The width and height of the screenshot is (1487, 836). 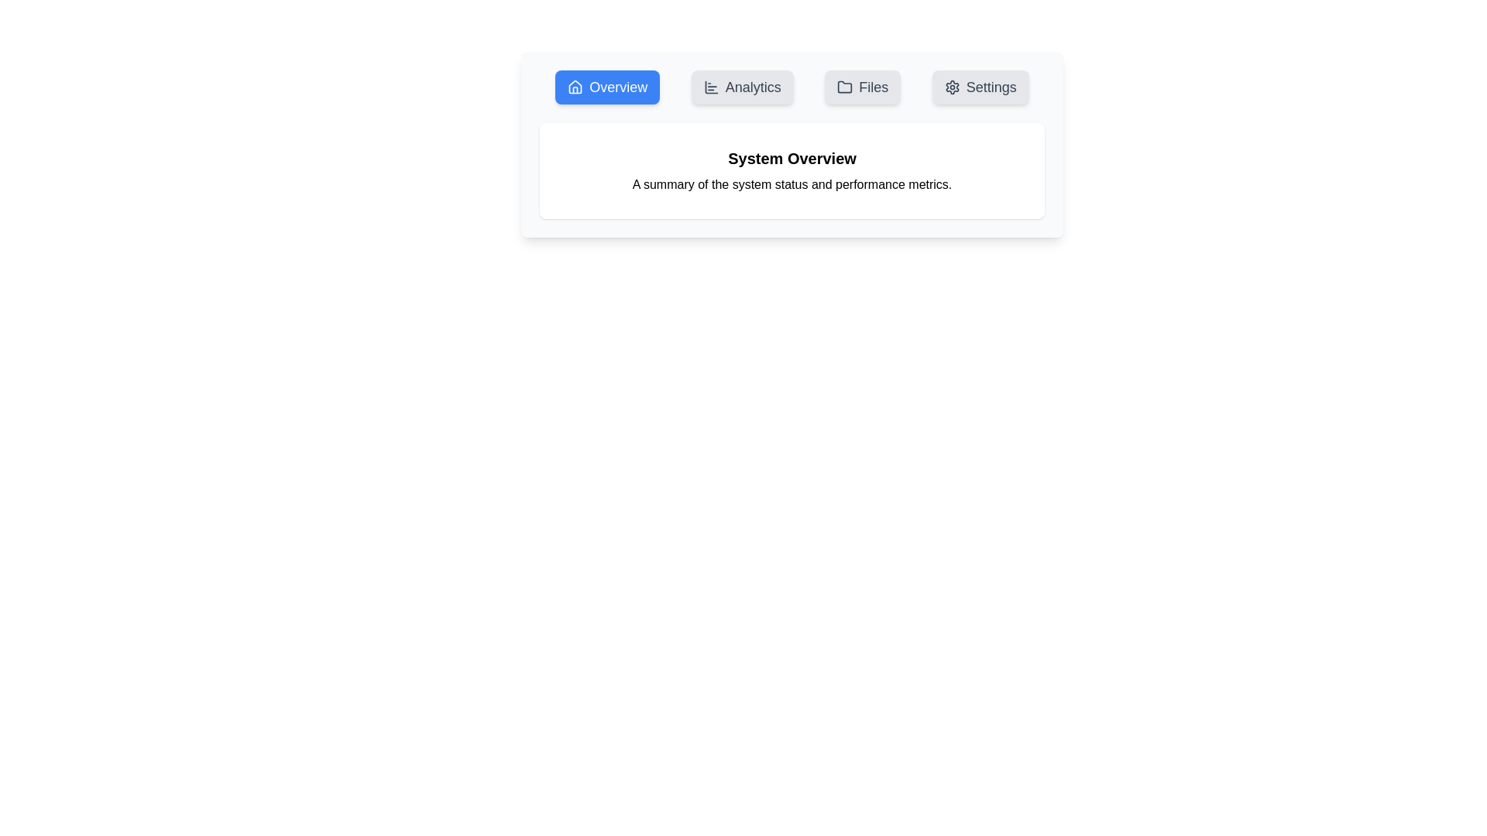 What do you see at coordinates (617, 87) in the screenshot?
I see `the 'Overview' label in the navigation button, which is displayed in white on a blue background and is the first item in the horizontal menu` at bounding box center [617, 87].